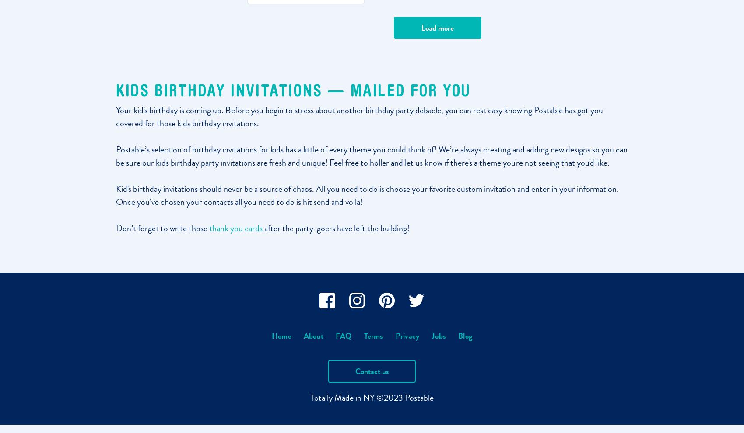 Image resolution: width=744 pixels, height=433 pixels. What do you see at coordinates (438, 336) in the screenshot?
I see `'Jobs'` at bounding box center [438, 336].